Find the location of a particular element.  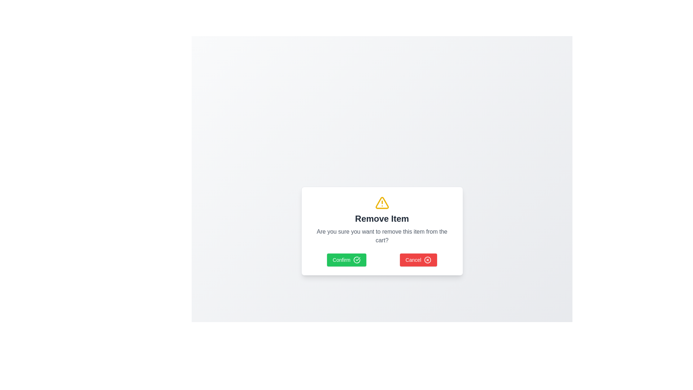

the green 'Confirm' button that contains a circle-shaped icon with a checkmark inside, located in the confirmation modal is located at coordinates (357, 260).